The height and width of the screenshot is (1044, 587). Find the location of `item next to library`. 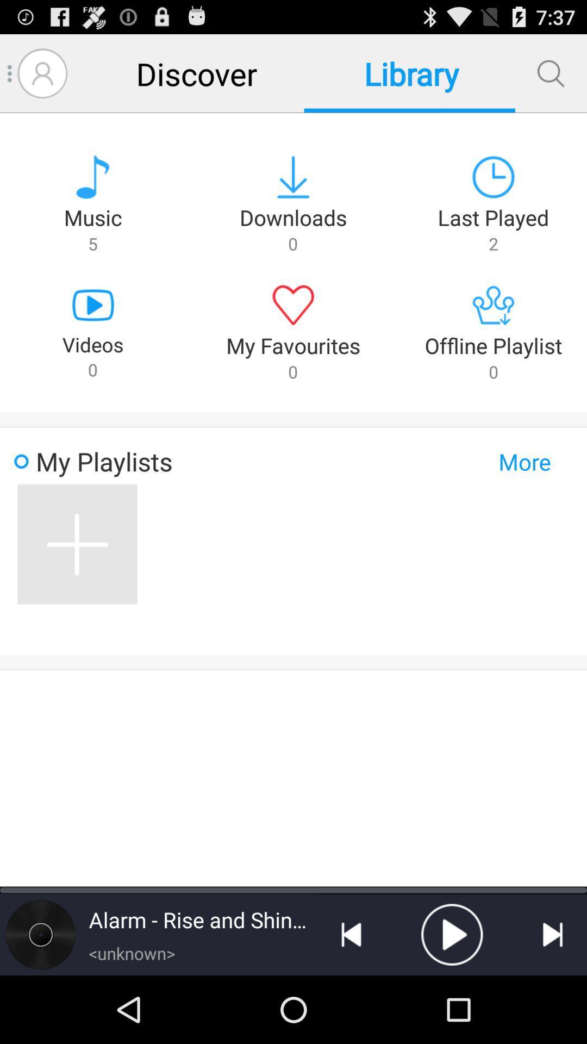

item next to library is located at coordinates (551, 73).